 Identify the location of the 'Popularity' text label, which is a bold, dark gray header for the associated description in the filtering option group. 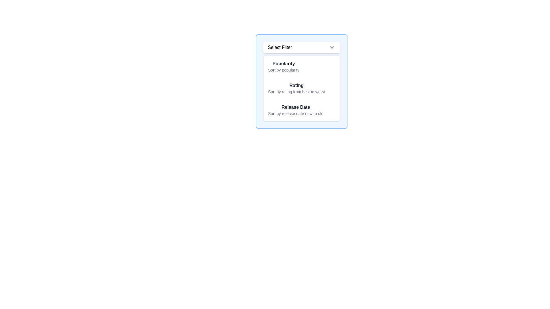
(284, 64).